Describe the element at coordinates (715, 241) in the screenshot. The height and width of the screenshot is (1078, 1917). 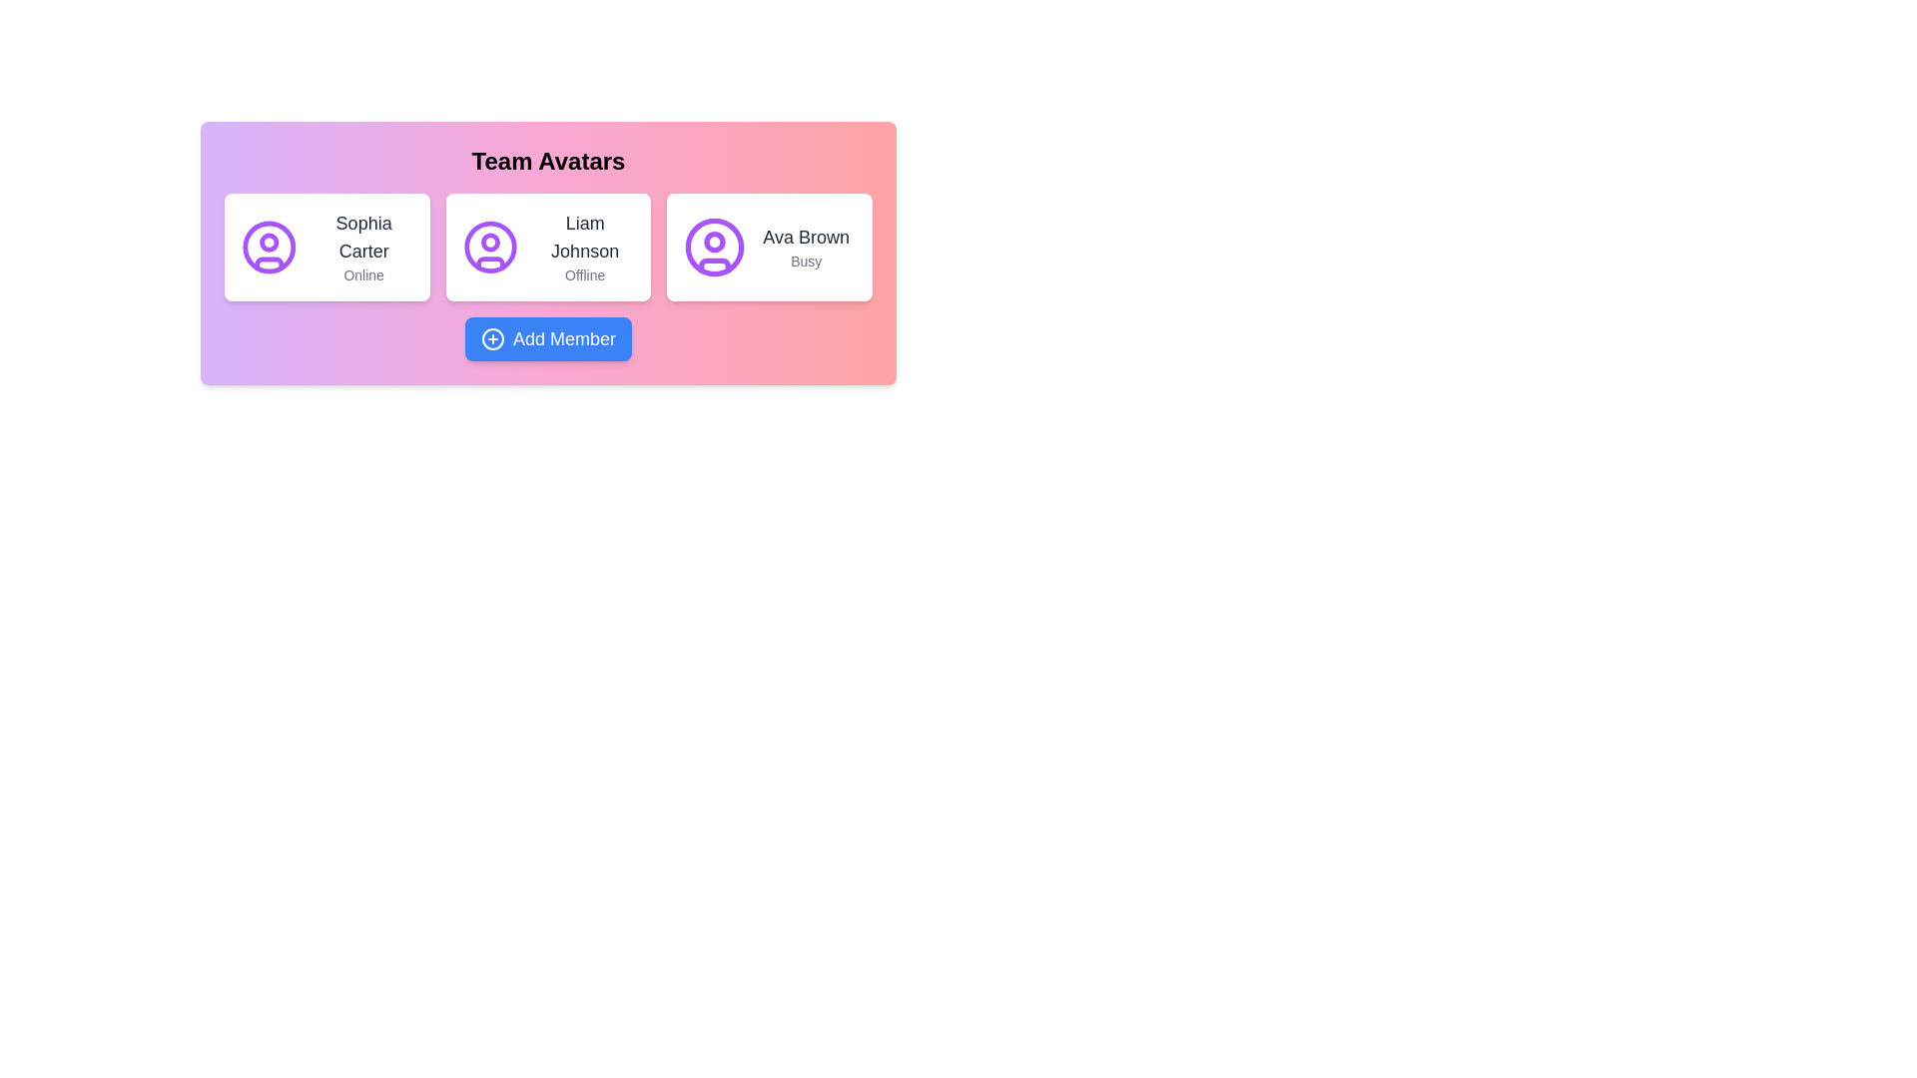
I see `the circular element with a purple border within the avatar icon of 'Ava Brown' card, located in the third position of the team member cards` at that location.